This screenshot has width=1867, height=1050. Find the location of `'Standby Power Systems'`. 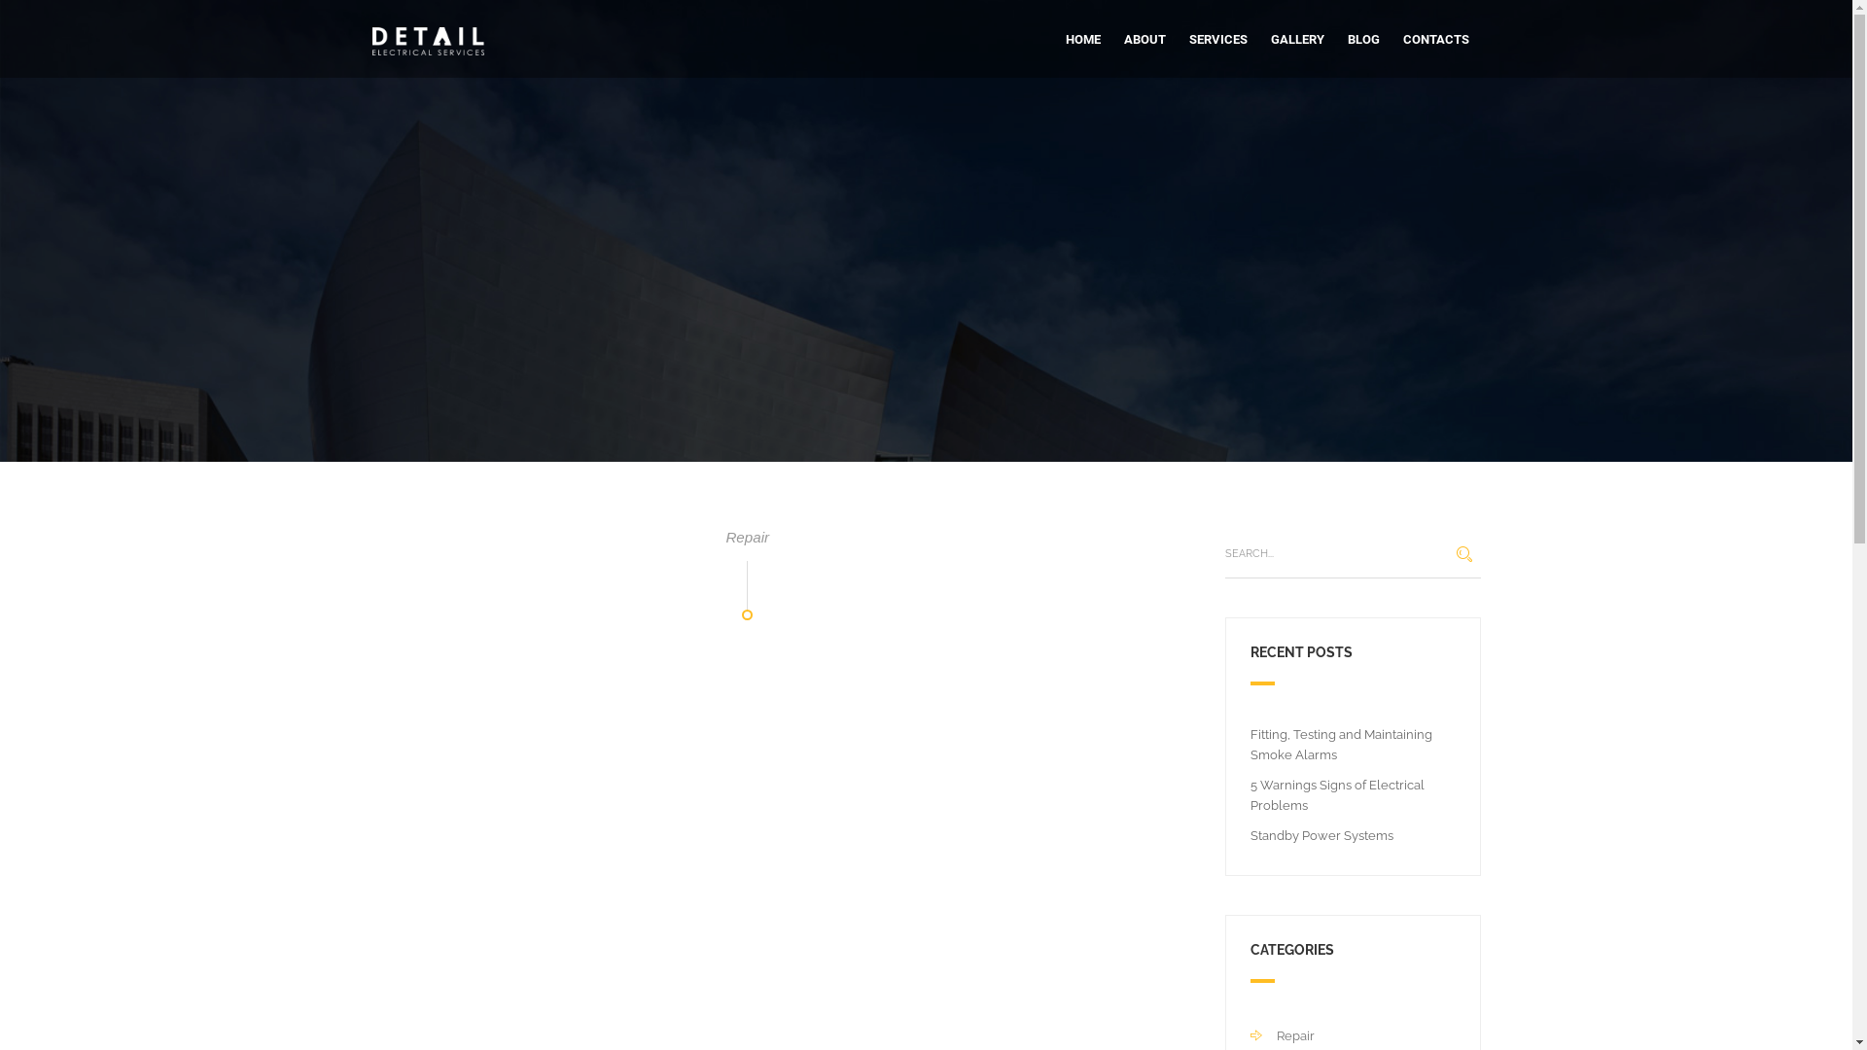

'Standby Power Systems' is located at coordinates (1321, 834).